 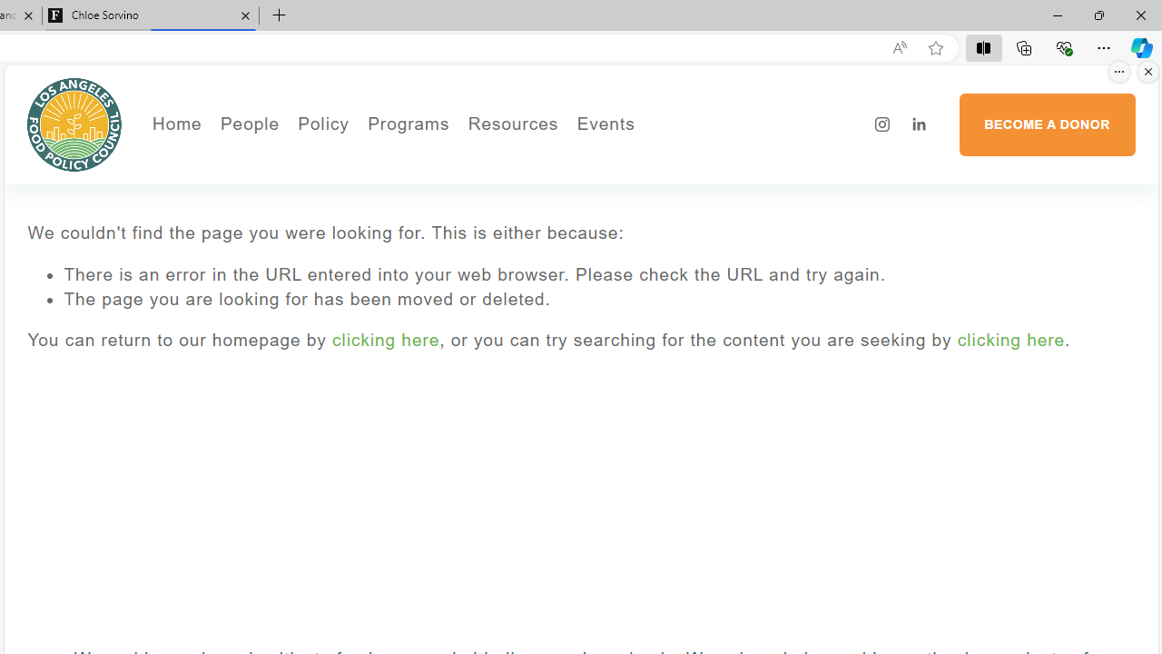 What do you see at coordinates (73, 123) in the screenshot?
I see `'Los Angeles Food Policy Council'` at bounding box center [73, 123].